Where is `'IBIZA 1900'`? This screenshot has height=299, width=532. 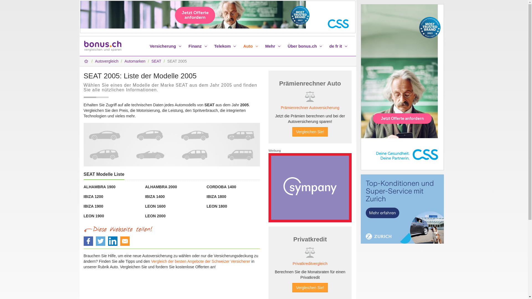
'IBIZA 1900' is located at coordinates (93, 206).